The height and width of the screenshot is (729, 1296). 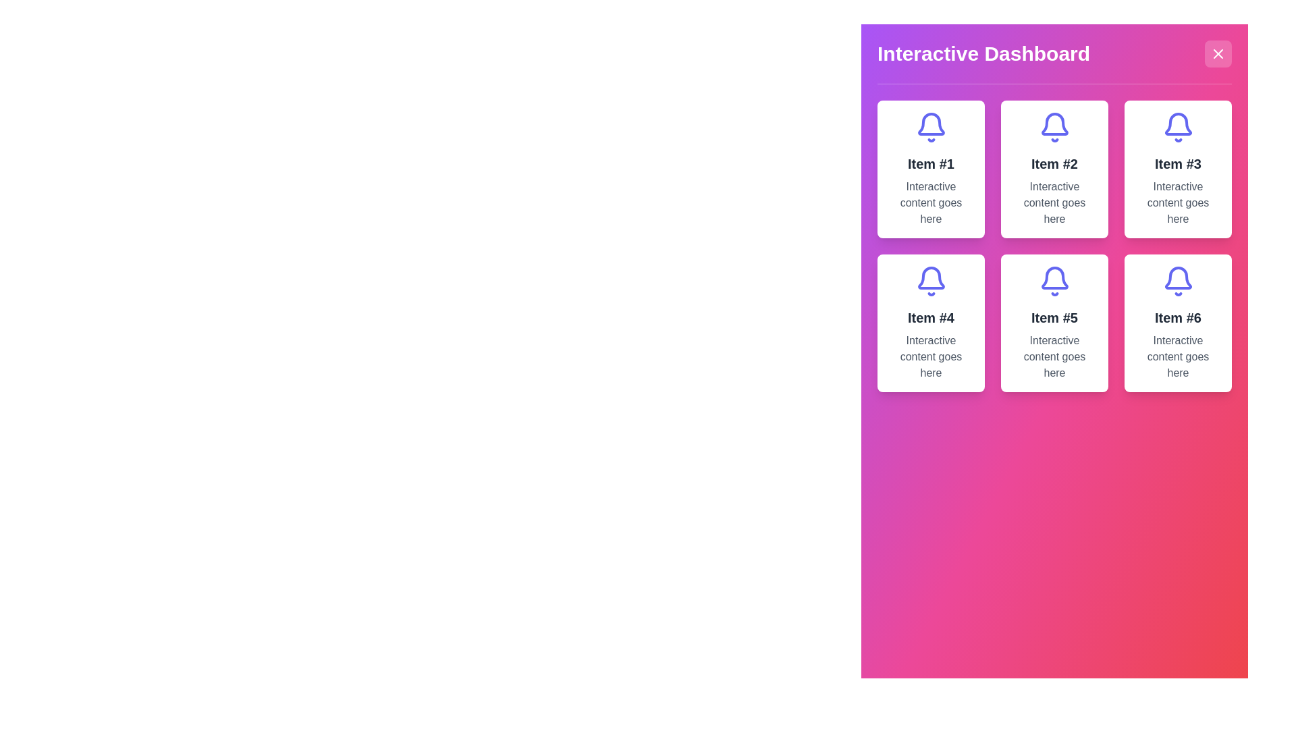 I want to click on the informational card displaying 'Item #4' with a bell icon, located in the second row, first column of the interactive dashboard, so click(x=930, y=323).